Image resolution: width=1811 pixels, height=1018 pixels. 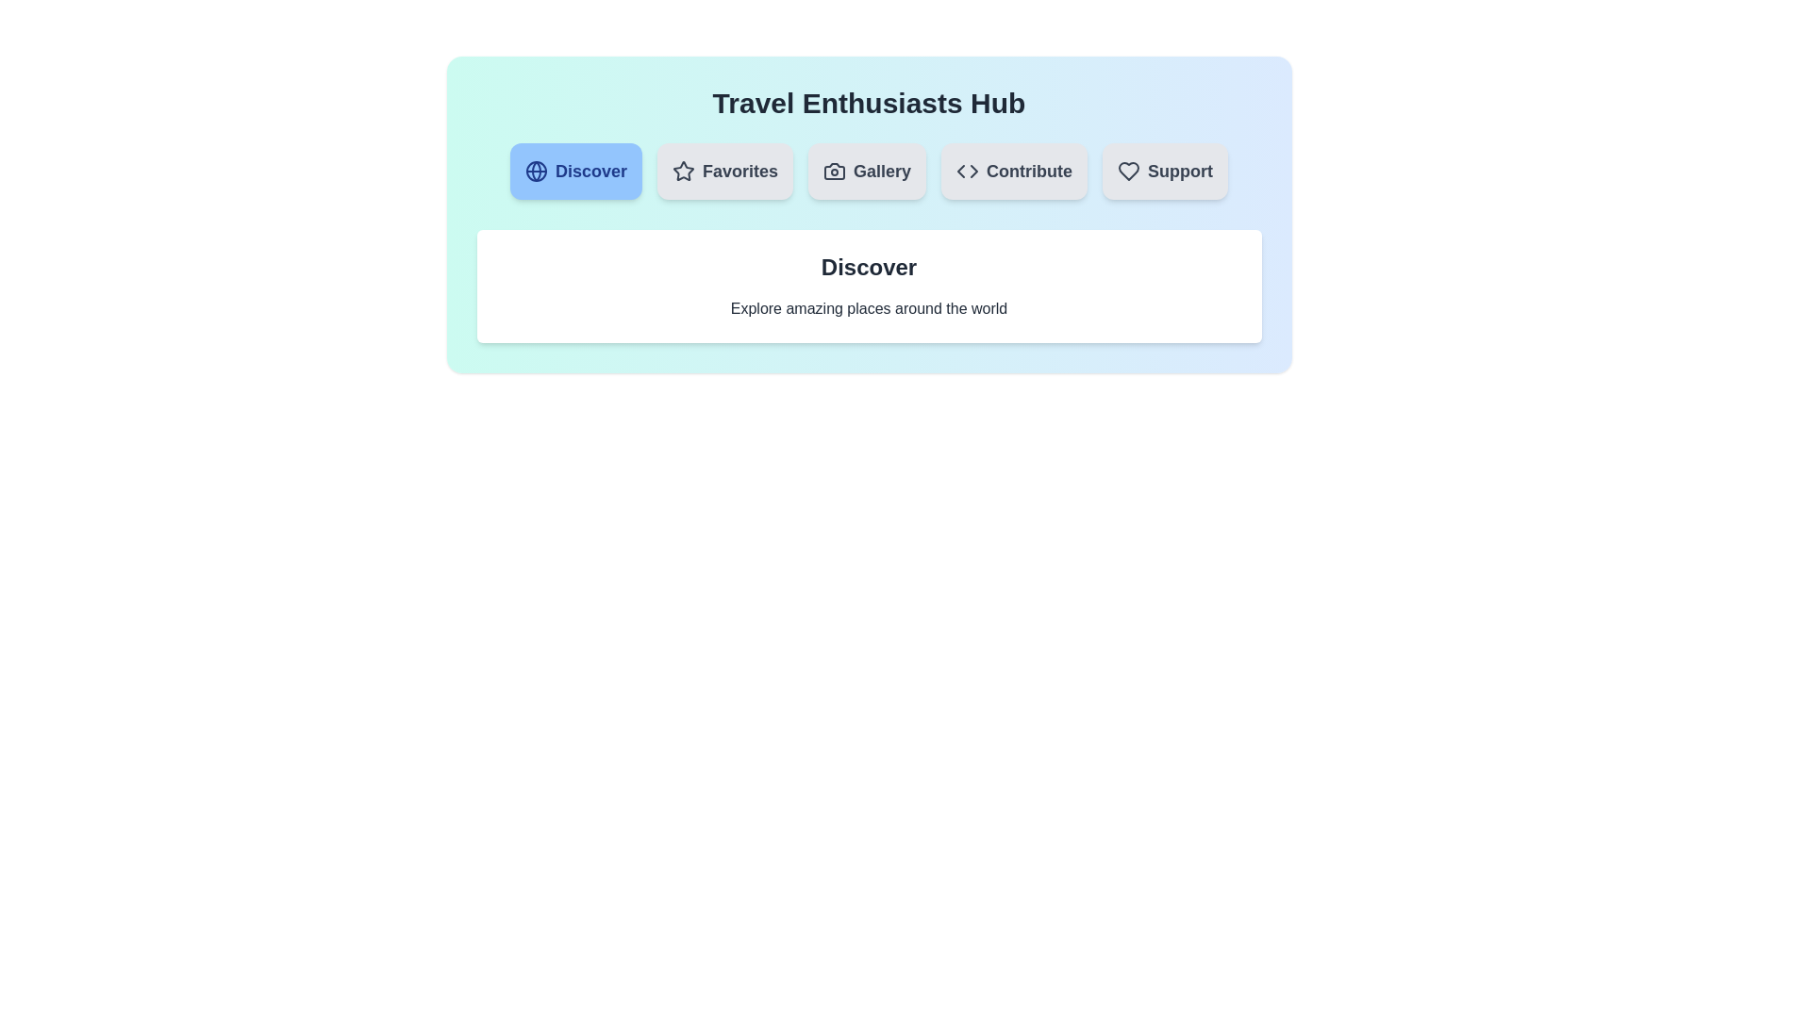 I want to click on the programming-related icon located to the left of the 'Contribute' label, which is the fourth item in the horizontally aligned menu of options, so click(x=968, y=171).